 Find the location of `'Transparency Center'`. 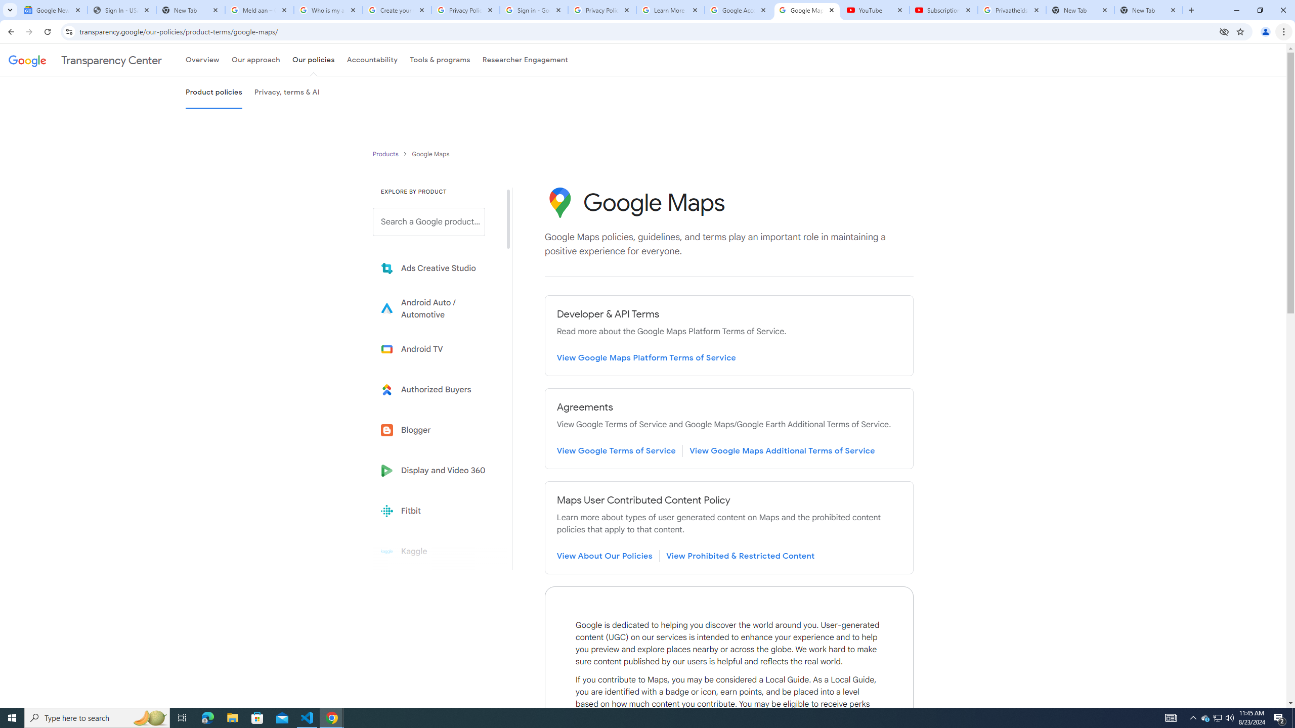

'Transparency Center' is located at coordinates (84, 60).